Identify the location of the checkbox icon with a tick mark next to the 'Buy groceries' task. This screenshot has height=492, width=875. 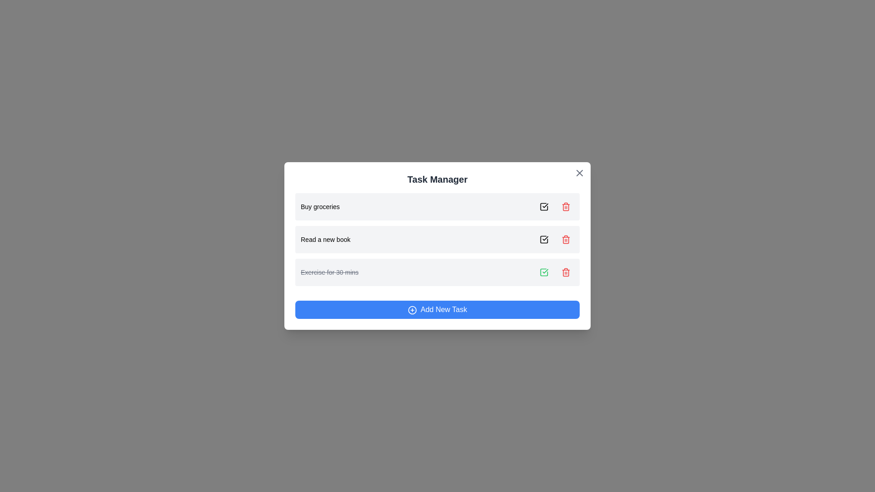
(544, 207).